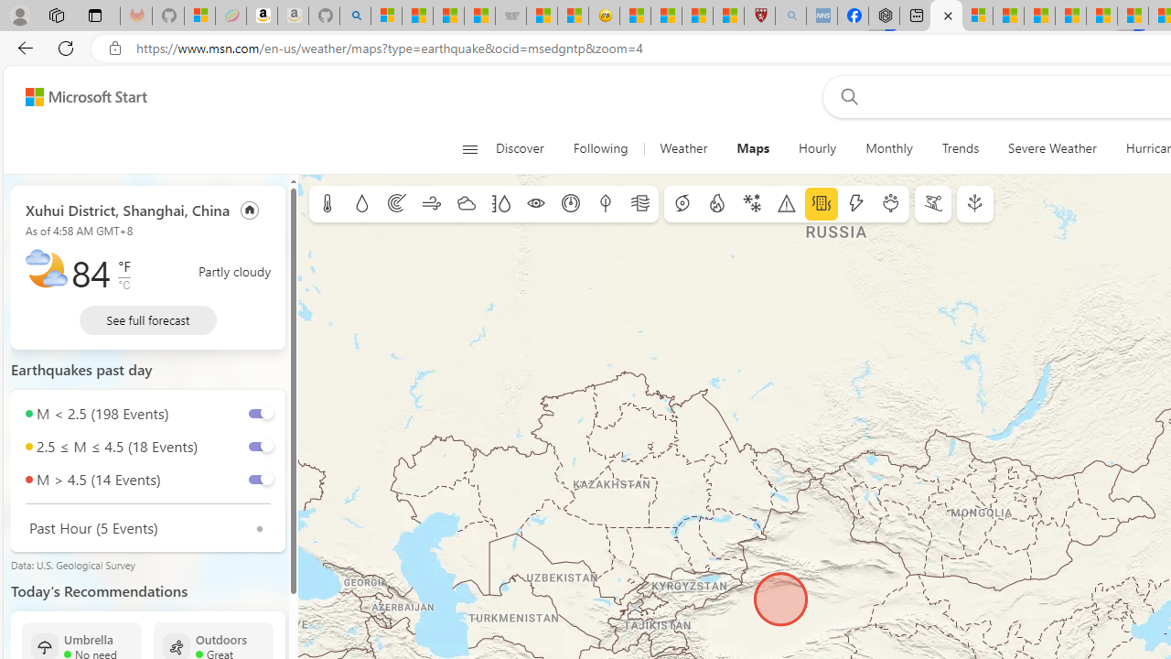  What do you see at coordinates (1052, 148) in the screenshot?
I see `'Severe Weather'` at bounding box center [1052, 148].